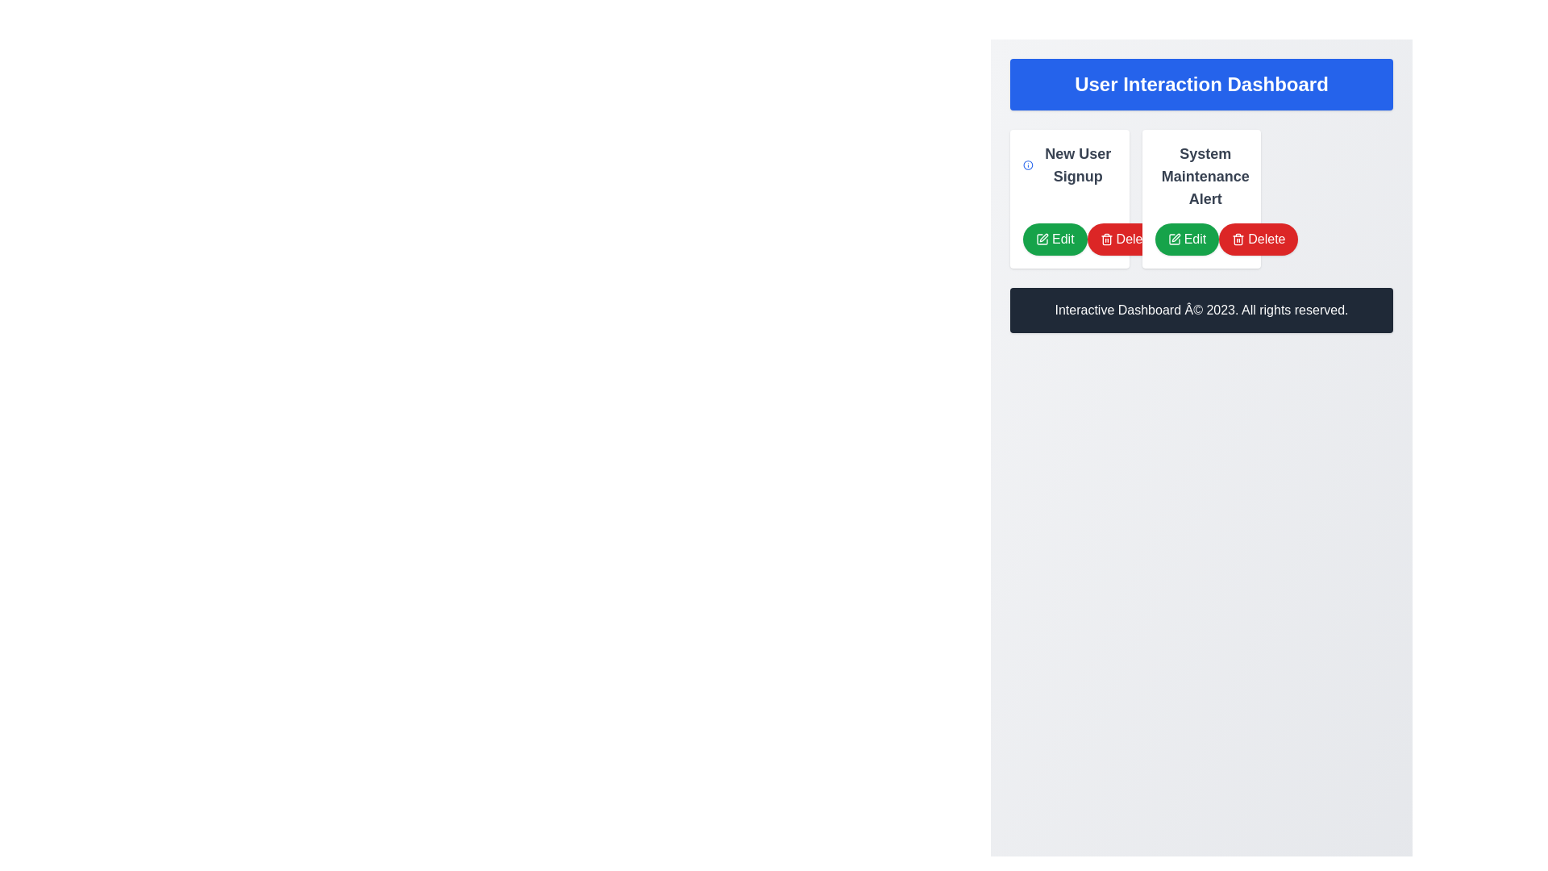 This screenshot has width=1548, height=871. What do you see at coordinates (1201, 310) in the screenshot?
I see `the Footer component which contains centered text reading 'Interactive Dashboard Â© 2023. All rights reserved.'` at bounding box center [1201, 310].